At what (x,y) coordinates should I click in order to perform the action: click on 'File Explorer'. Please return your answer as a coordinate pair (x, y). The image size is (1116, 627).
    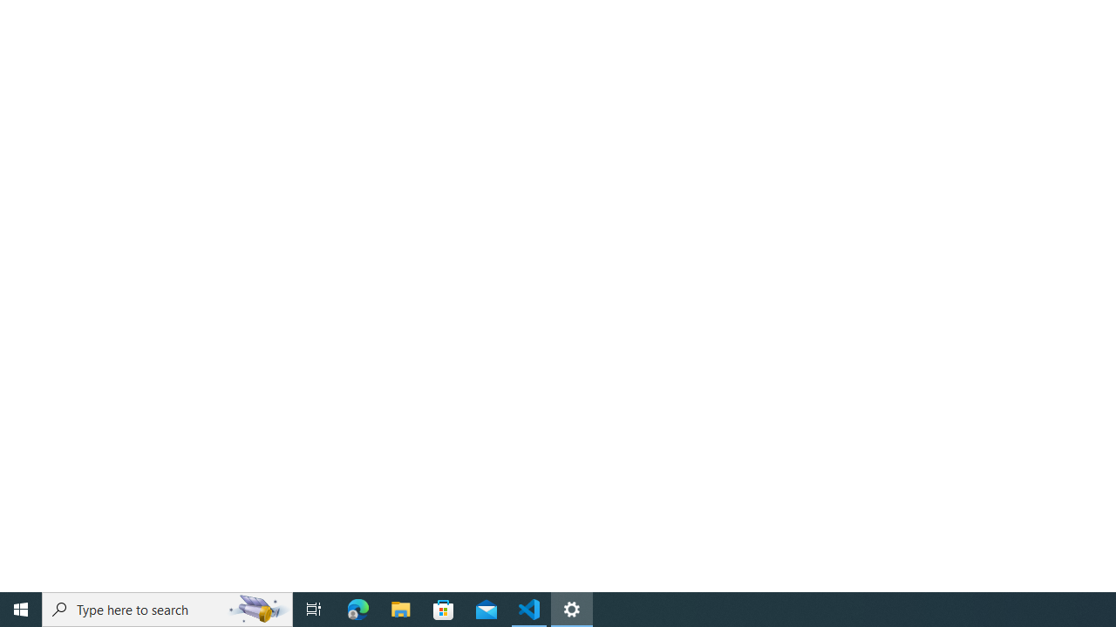
    Looking at the image, I should click on (400, 608).